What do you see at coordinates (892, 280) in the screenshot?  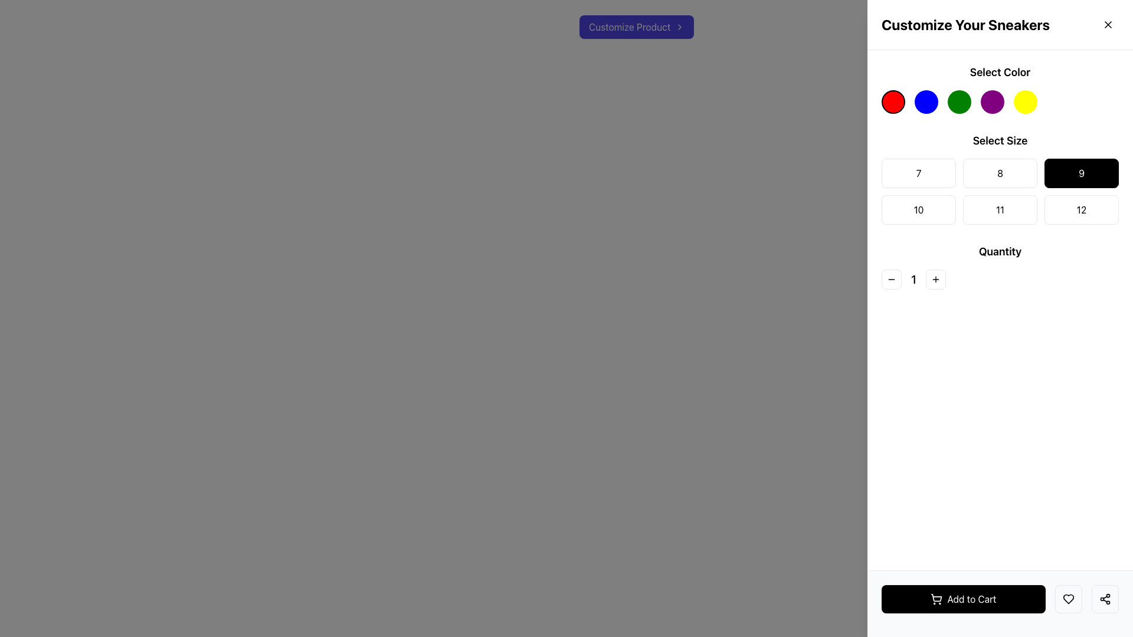 I see `the Decrement Button located in the lower central part of the right panel of the interface, adjacent to the numeric input field` at bounding box center [892, 280].